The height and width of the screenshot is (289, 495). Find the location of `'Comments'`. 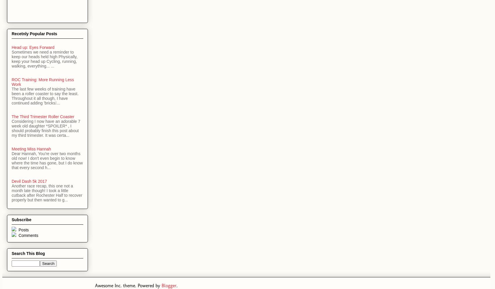

'Comments' is located at coordinates (28, 235).